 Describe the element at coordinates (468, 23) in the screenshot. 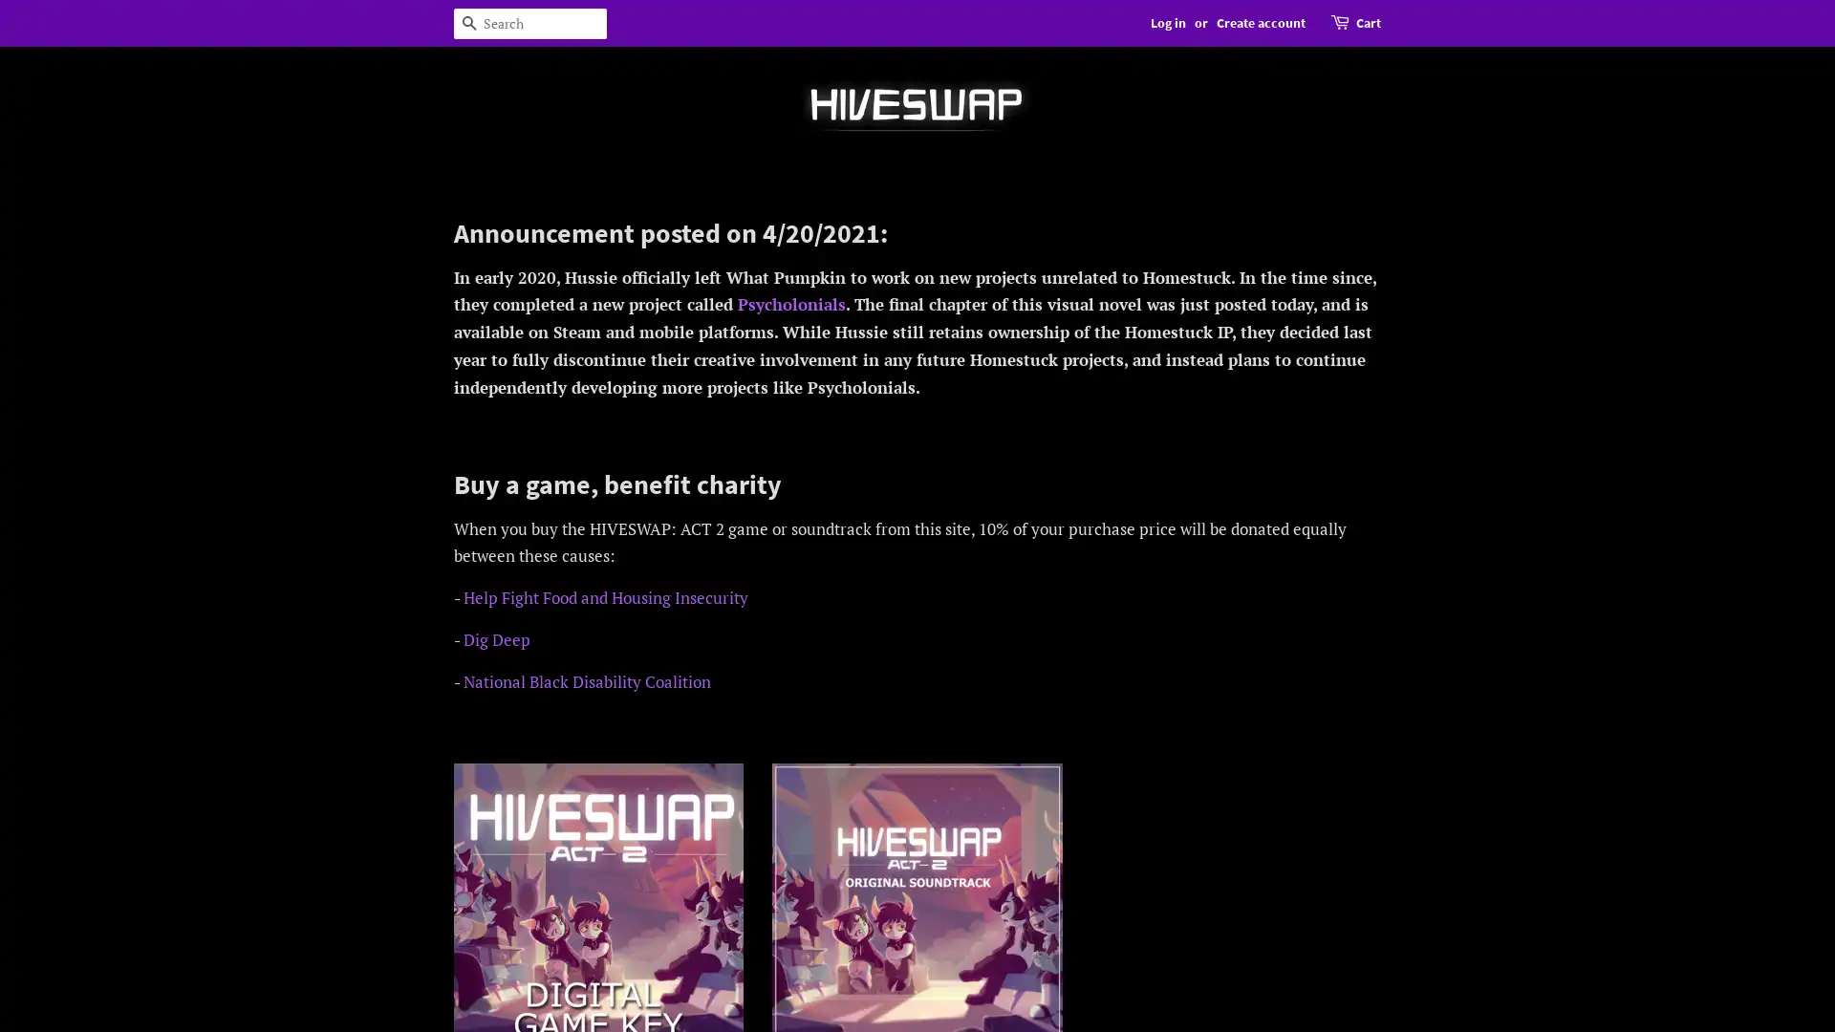

I see `Search` at that location.